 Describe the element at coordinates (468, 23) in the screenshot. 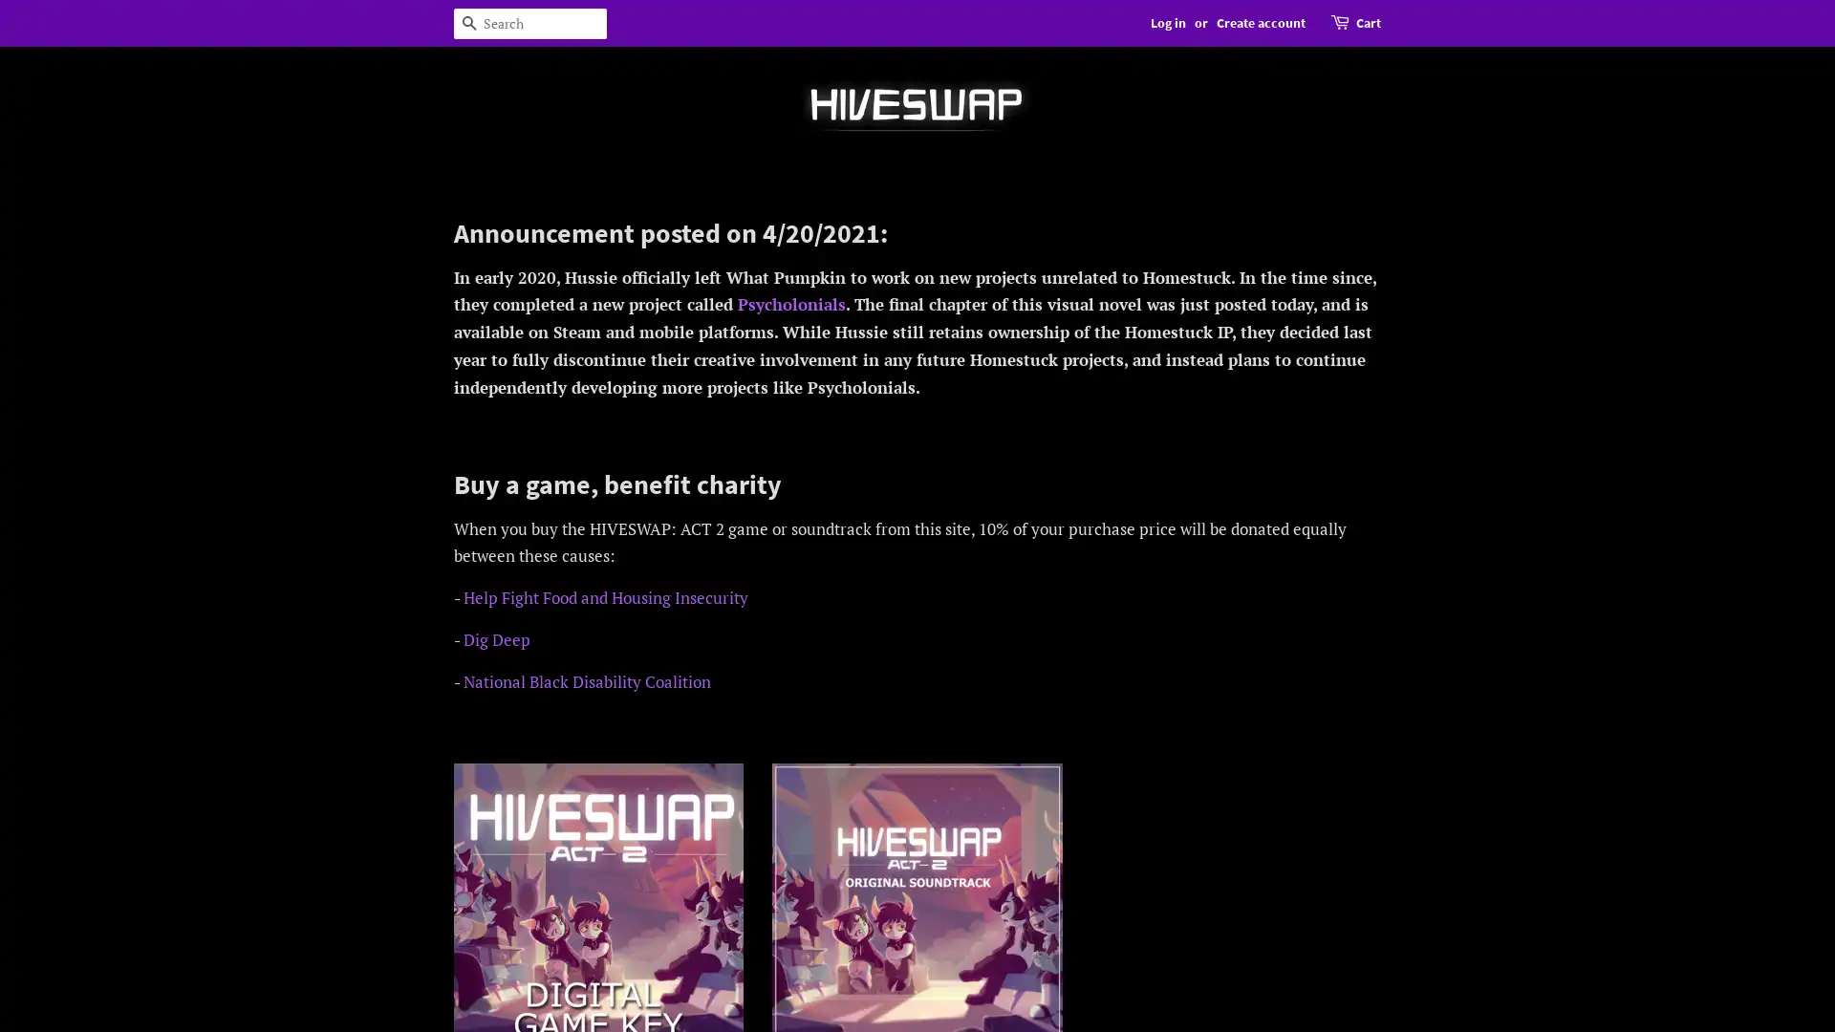

I see `Search` at that location.